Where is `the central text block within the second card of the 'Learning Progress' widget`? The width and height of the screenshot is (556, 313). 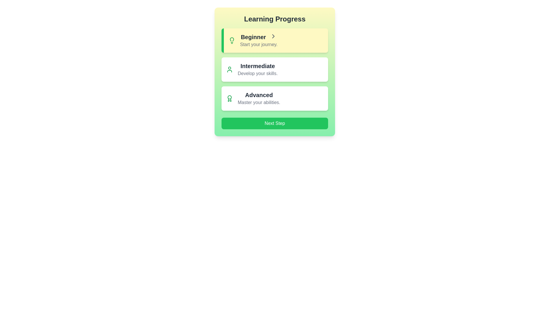
the central text block within the second card of the 'Learning Progress' widget is located at coordinates (257, 69).